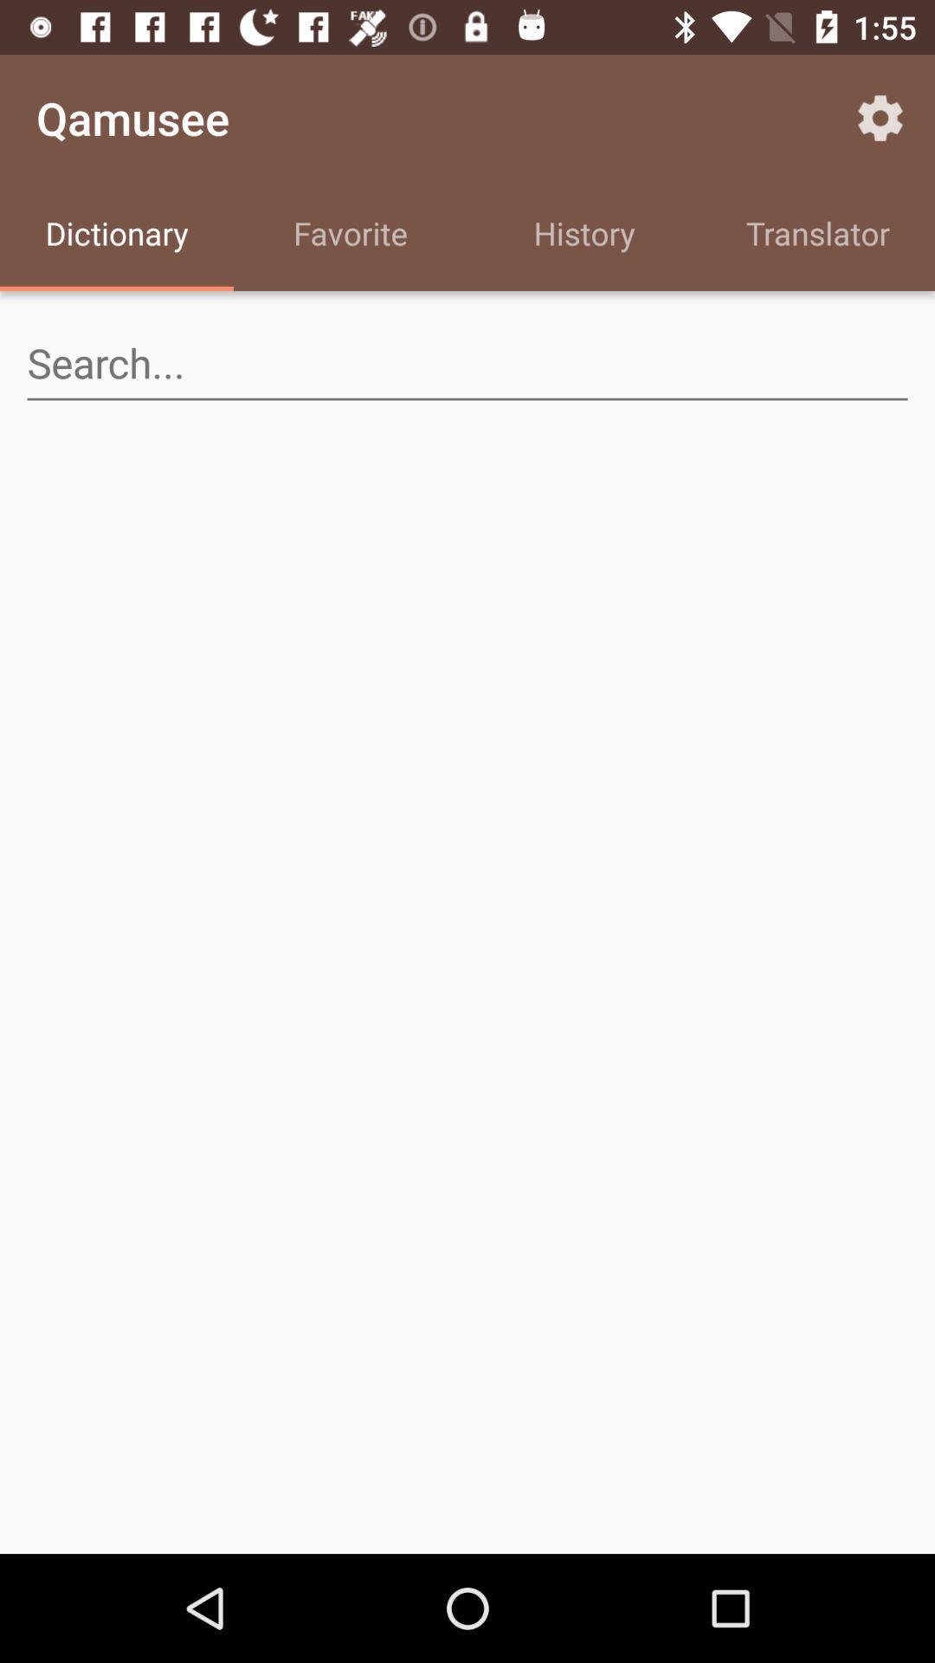 Image resolution: width=935 pixels, height=1663 pixels. I want to click on item next to the history icon, so click(880, 117).